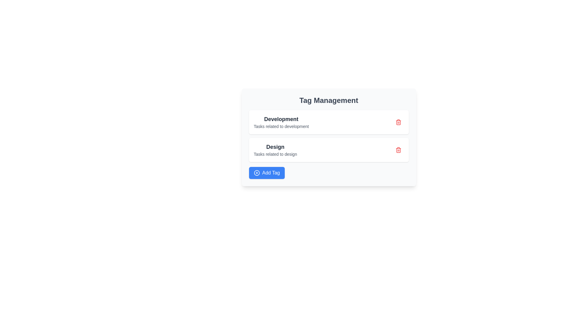 The width and height of the screenshot is (581, 326). Describe the element at coordinates (328, 122) in the screenshot. I see `title 'Development' and the description 'Tasks related to development' from the first card in the 'Tag Management' section` at that location.